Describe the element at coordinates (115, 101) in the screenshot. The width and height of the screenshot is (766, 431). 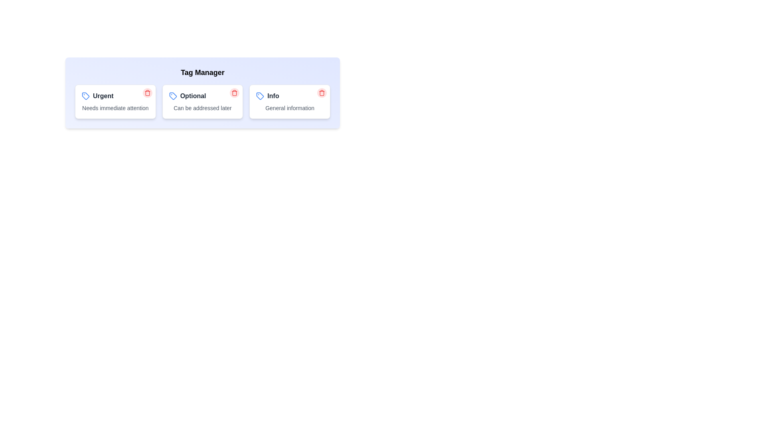
I see `the tag Urgent by clicking on its container` at that location.